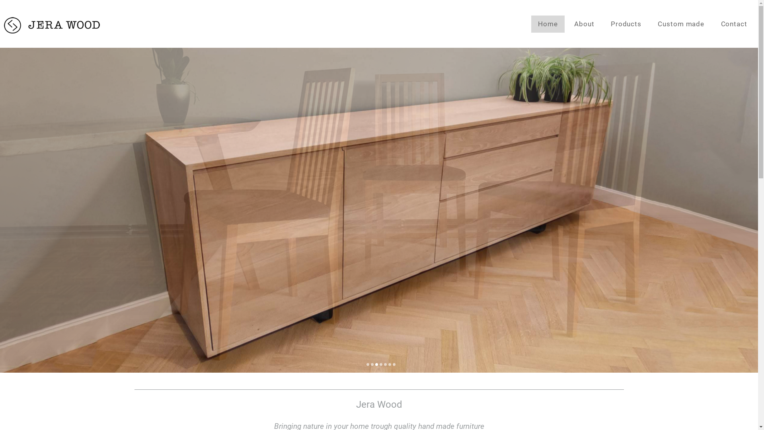  What do you see at coordinates (367, 365) in the screenshot?
I see `'1'` at bounding box center [367, 365].